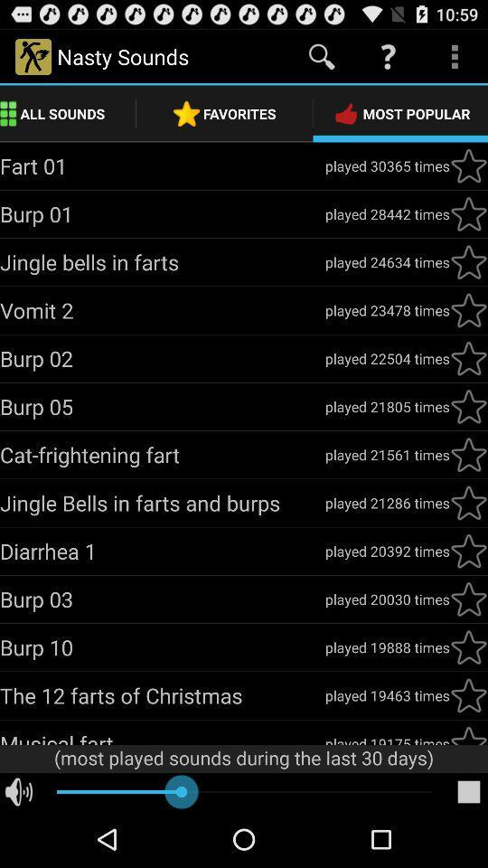 This screenshot has width=488, height=868. I want to click on icon below the jingle bells in app, so click(162, 550).